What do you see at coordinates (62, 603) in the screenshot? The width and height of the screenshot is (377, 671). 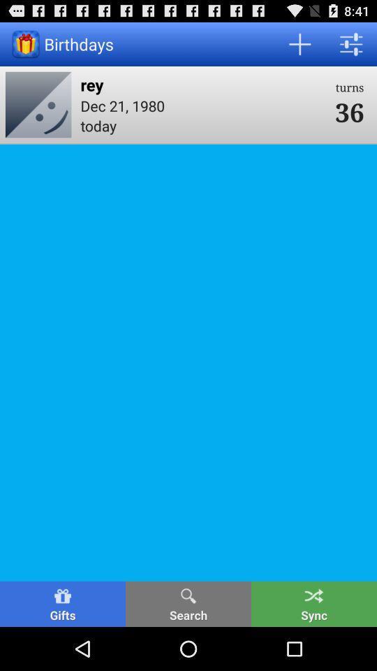 I see `icon to the left of search icon` at bounding box center [62, 603].